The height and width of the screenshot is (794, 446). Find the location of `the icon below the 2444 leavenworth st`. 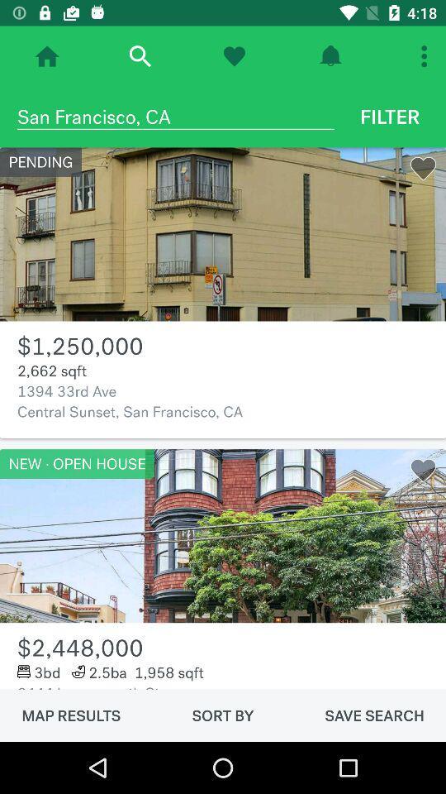

the icon below the 2444 leavenworth st is located at coordinates (374, 715).